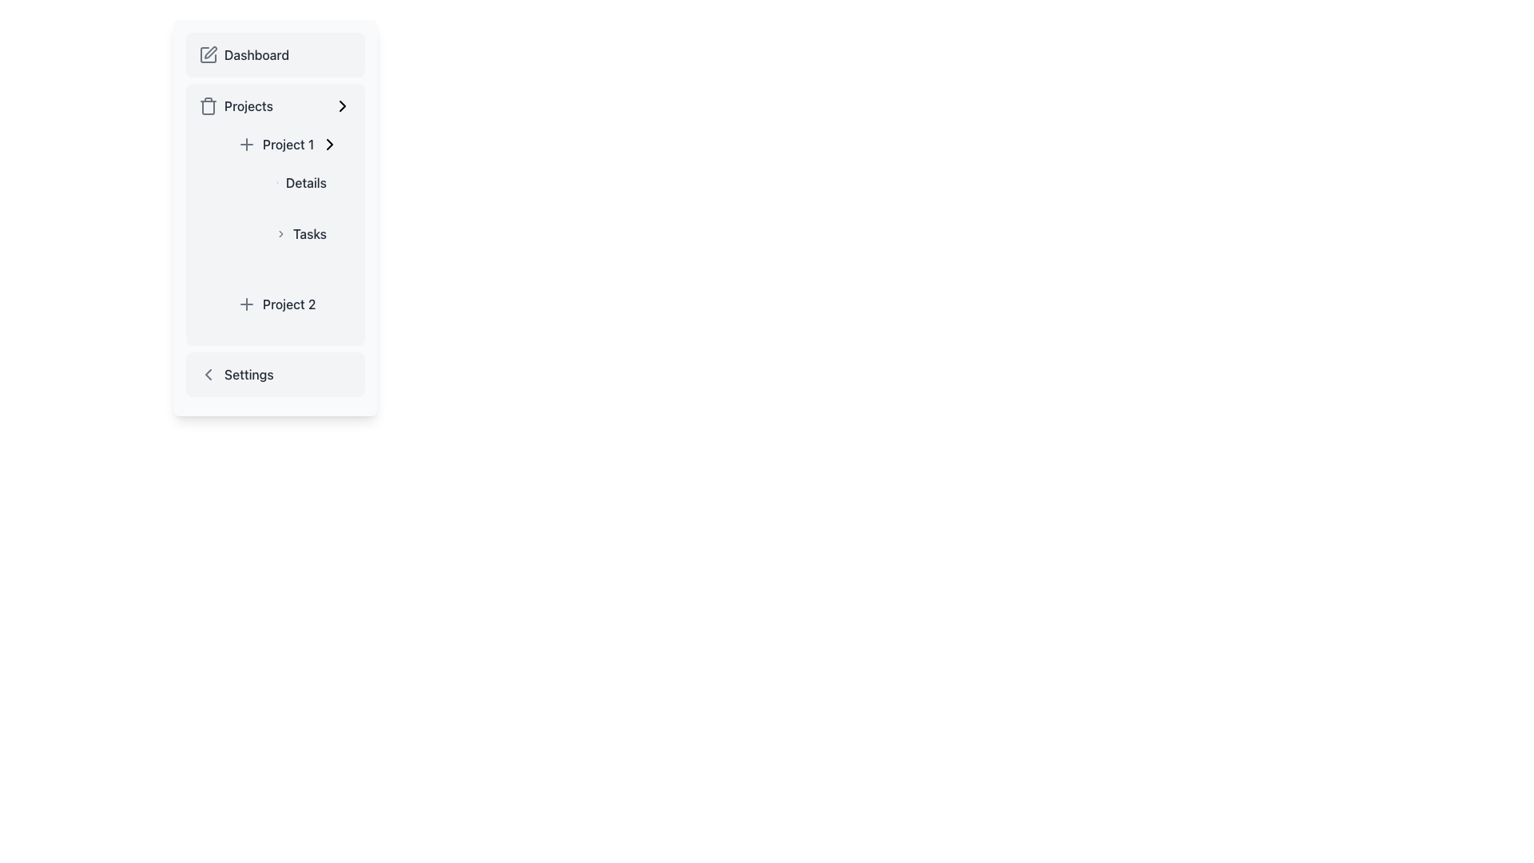 Image resolution: width=1534 pixels, height=863 pixels. I want to click on the 'Details' text label, which is styled in medium gray font and is located next to a right-pointing chevron icon, positioned under 'Project 1' in a vertically listed menu, so click(301, 181).